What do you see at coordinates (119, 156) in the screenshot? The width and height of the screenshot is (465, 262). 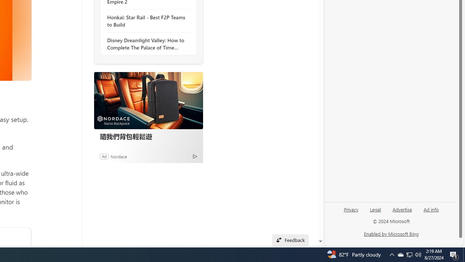 I see `'Nordace'` at bounding box center [119, 156].